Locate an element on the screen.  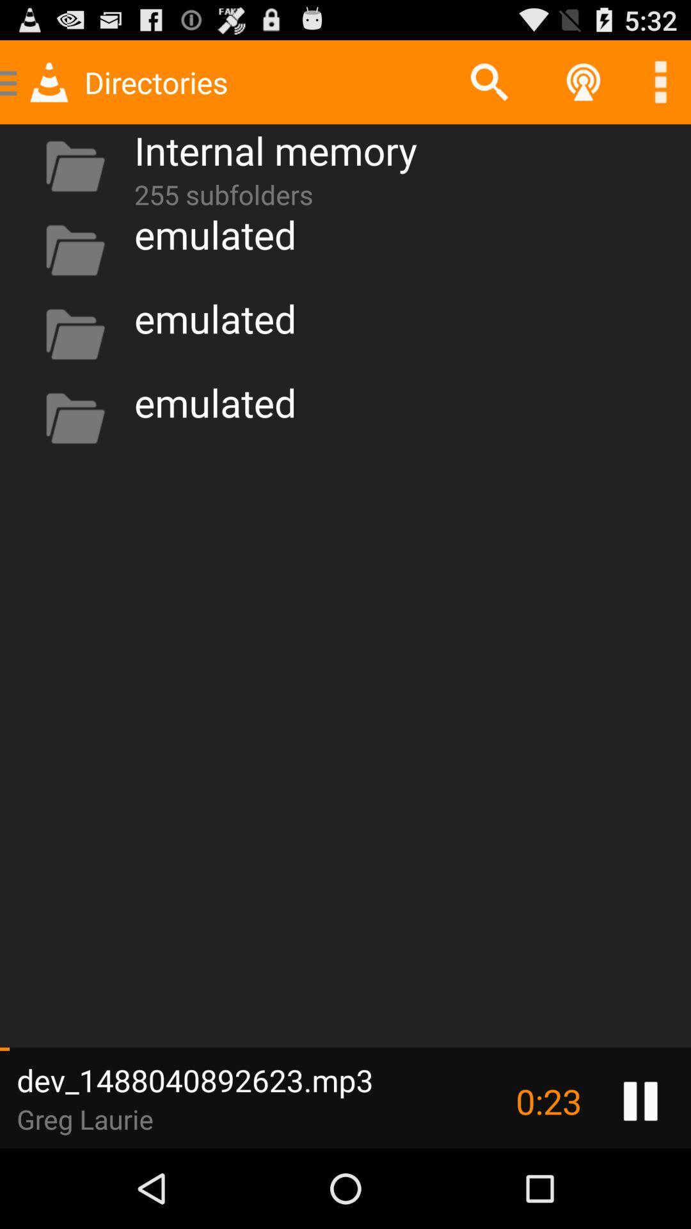
the internal memory is located at coordinates (274, 150).